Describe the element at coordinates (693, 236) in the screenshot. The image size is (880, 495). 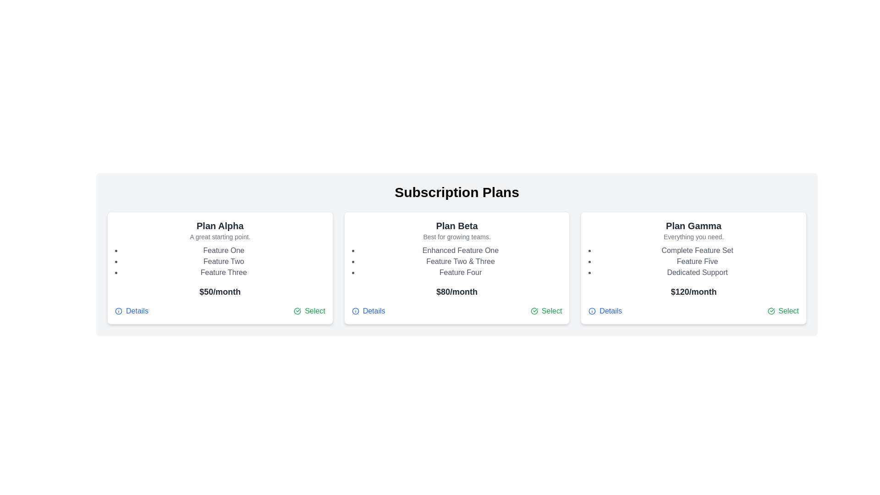
I see `the text element that provides a brief description for the 'Plan Gamma' subscription plan, located below the heading 'Plan Gamma'` at that location.